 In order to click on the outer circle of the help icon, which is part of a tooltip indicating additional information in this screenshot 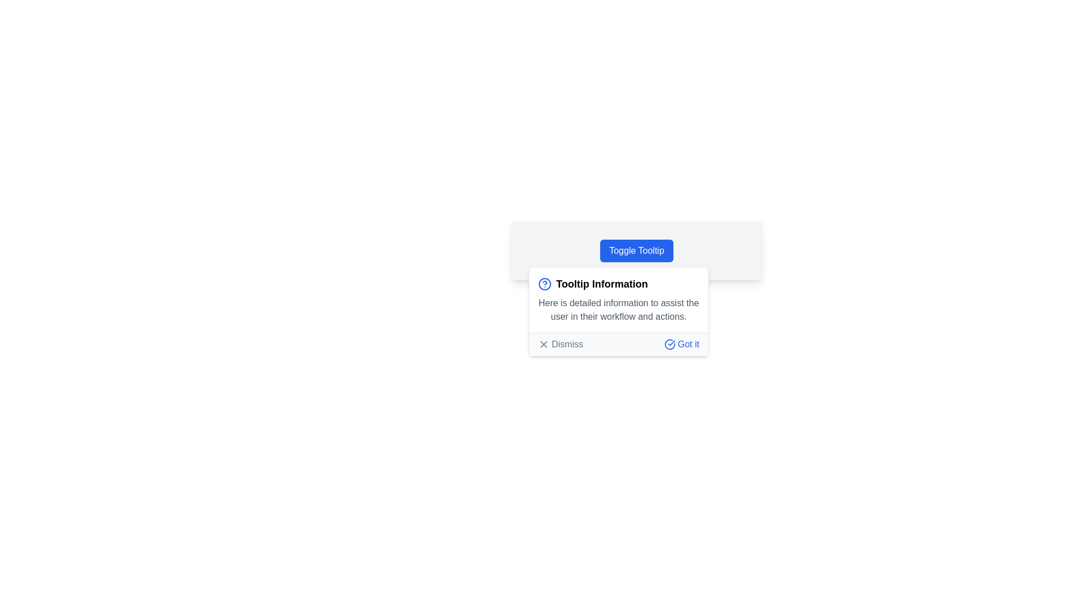, I will do `click(544, 284)`.